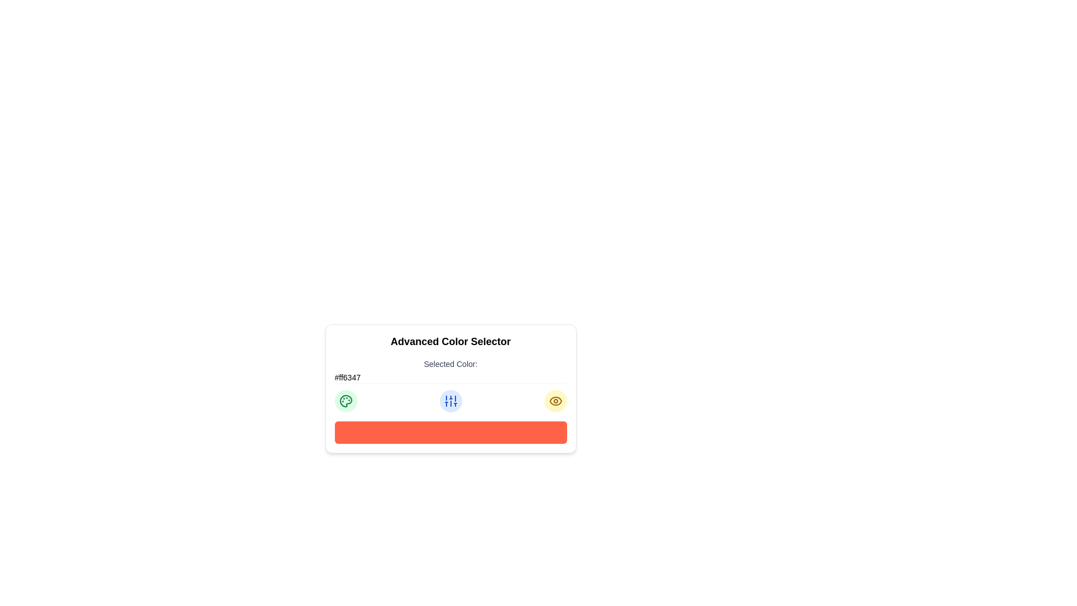  Describe the element at coordinates (450, 400) in the screenshot. I see `the middle circular button for adjusting settings` at that location.